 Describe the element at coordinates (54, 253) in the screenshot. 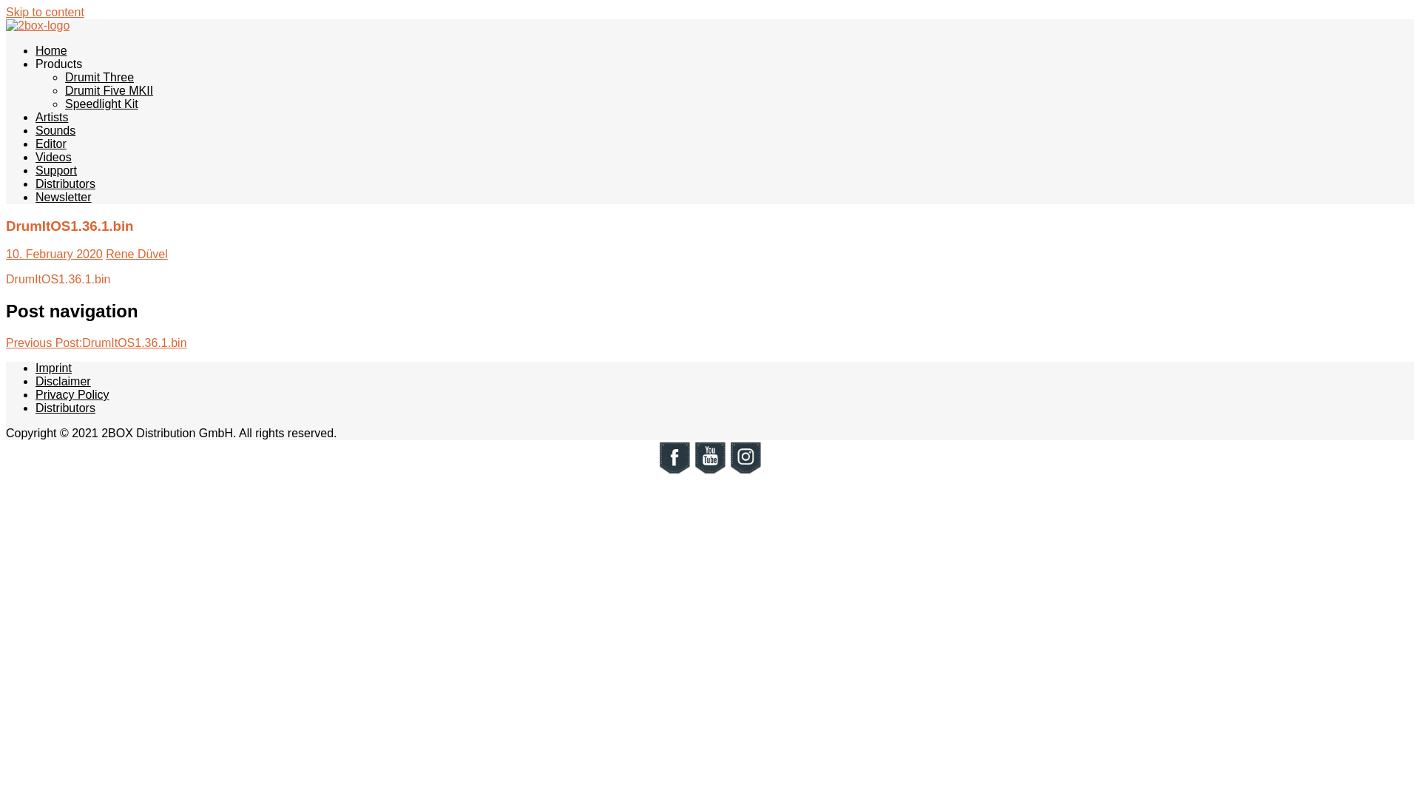

I see `'10. February 2020'` at that location.